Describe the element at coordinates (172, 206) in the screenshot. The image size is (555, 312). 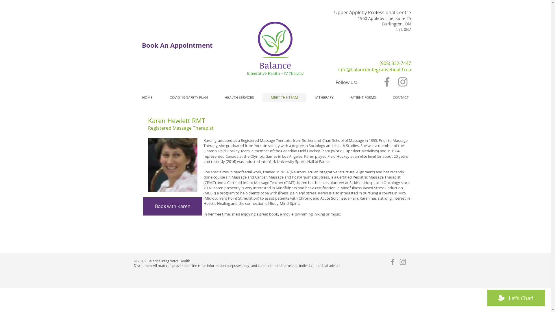
I see `'Book with Karen'` at that location.